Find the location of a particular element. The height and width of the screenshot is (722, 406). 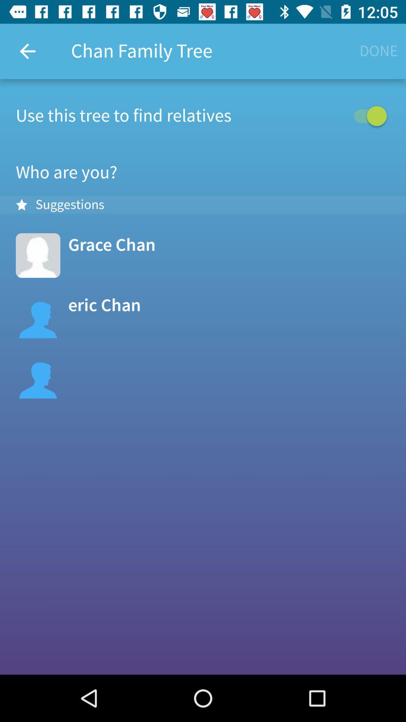

use this tree to find relatives is located at coordinates (203, 115).